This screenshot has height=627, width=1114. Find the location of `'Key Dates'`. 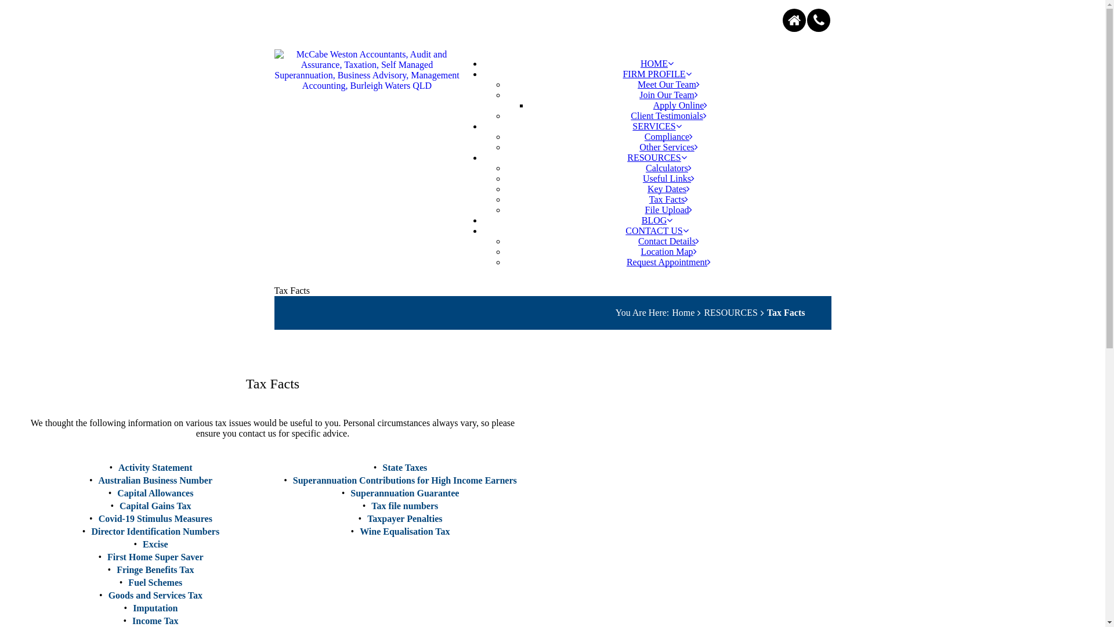

'Key Dates' is located at coordinates (647, 188).